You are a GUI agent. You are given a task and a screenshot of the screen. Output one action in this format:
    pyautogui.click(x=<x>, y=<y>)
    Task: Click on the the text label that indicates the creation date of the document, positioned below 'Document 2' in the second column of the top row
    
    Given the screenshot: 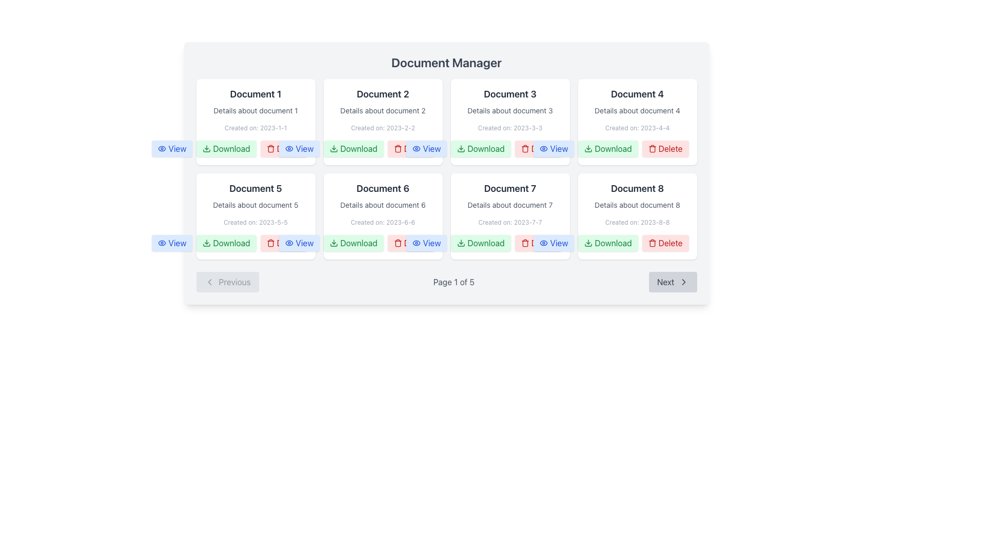 What is the action you would take?
    pyautogui.click(x=382, y=128)
    